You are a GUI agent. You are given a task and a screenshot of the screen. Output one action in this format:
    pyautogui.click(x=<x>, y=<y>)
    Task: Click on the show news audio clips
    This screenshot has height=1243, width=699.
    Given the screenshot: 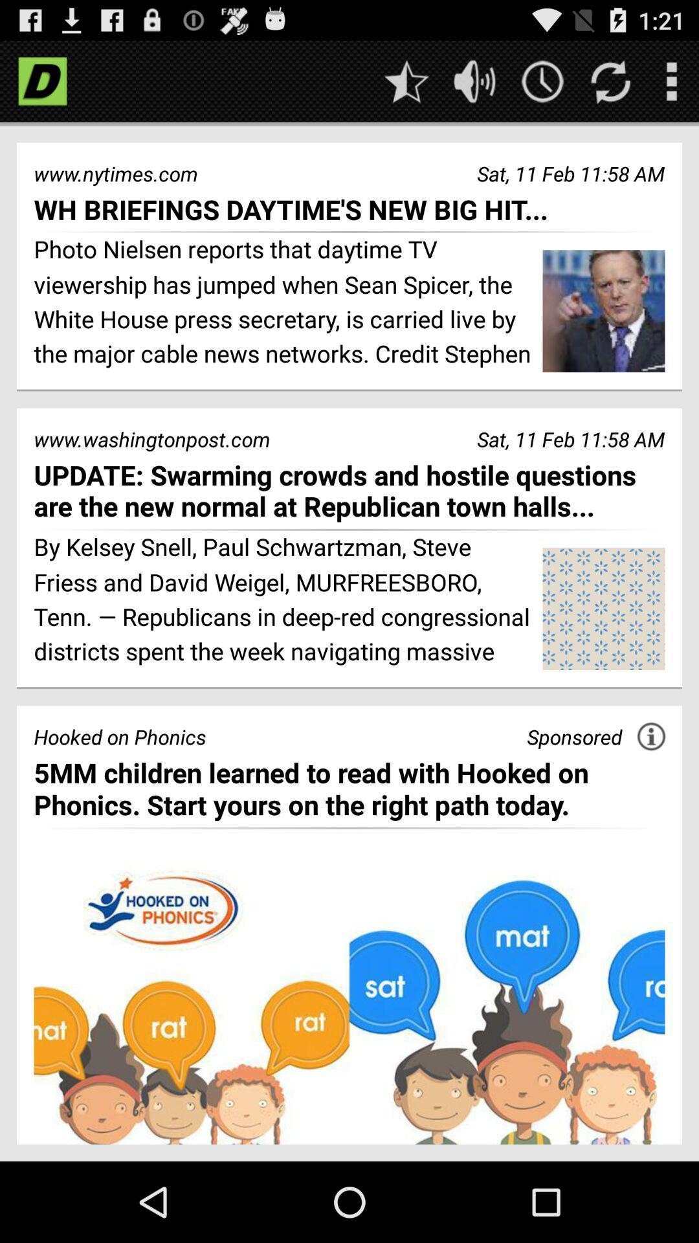 What is the action you would take?
    pyautogui.click(x=474, y=80)
    